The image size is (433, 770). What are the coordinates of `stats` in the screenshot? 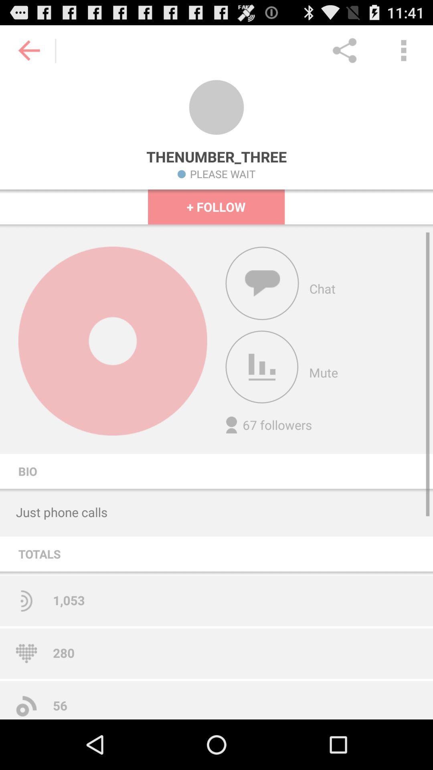 It's located at (262, 367).